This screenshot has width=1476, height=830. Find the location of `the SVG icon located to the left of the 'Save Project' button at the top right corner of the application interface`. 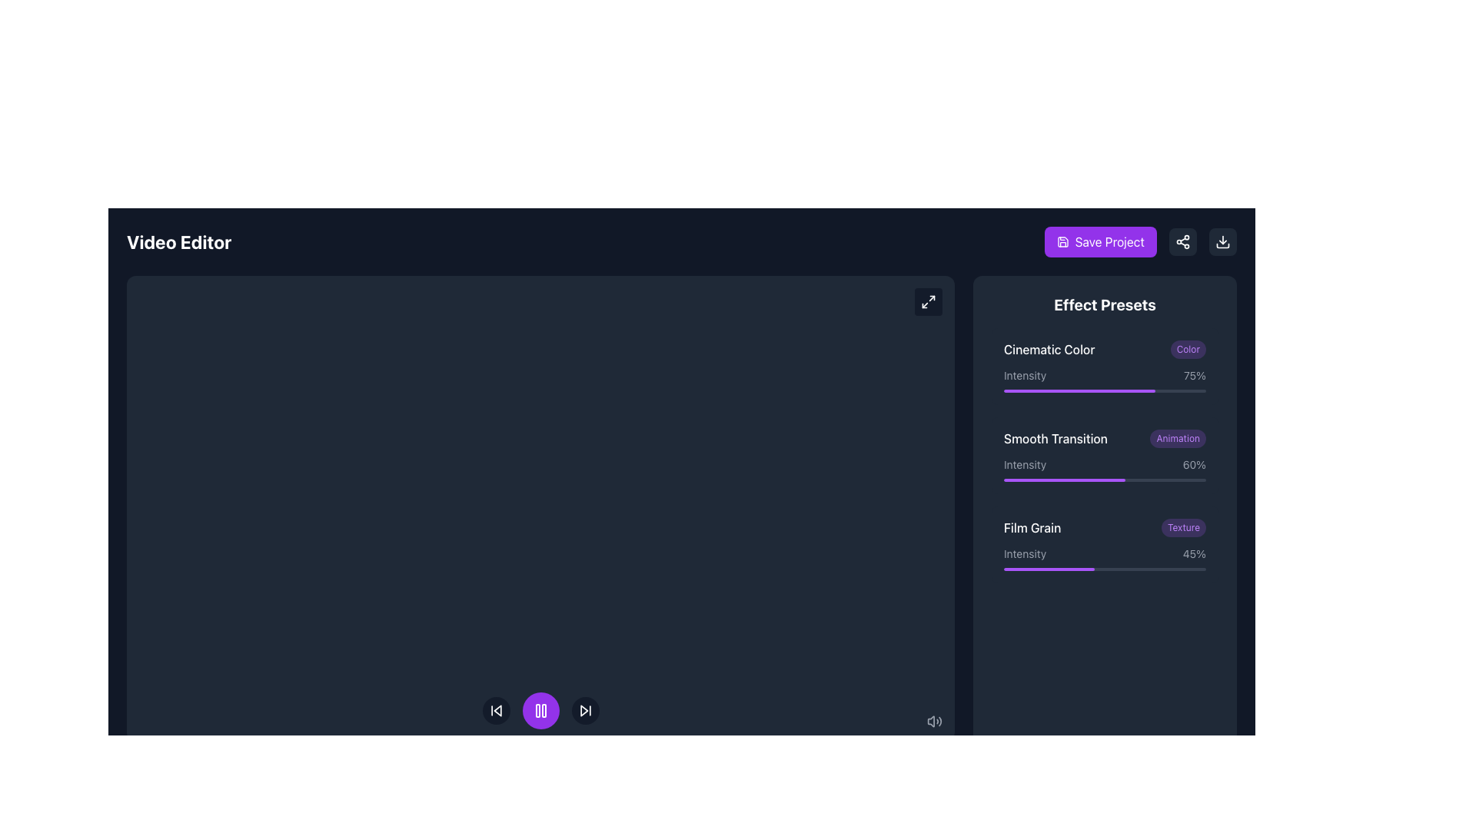

the SVG icon located to the left of the 'Save Project' button at the top right corner of the application interface is located at coordinates (1062, 242).